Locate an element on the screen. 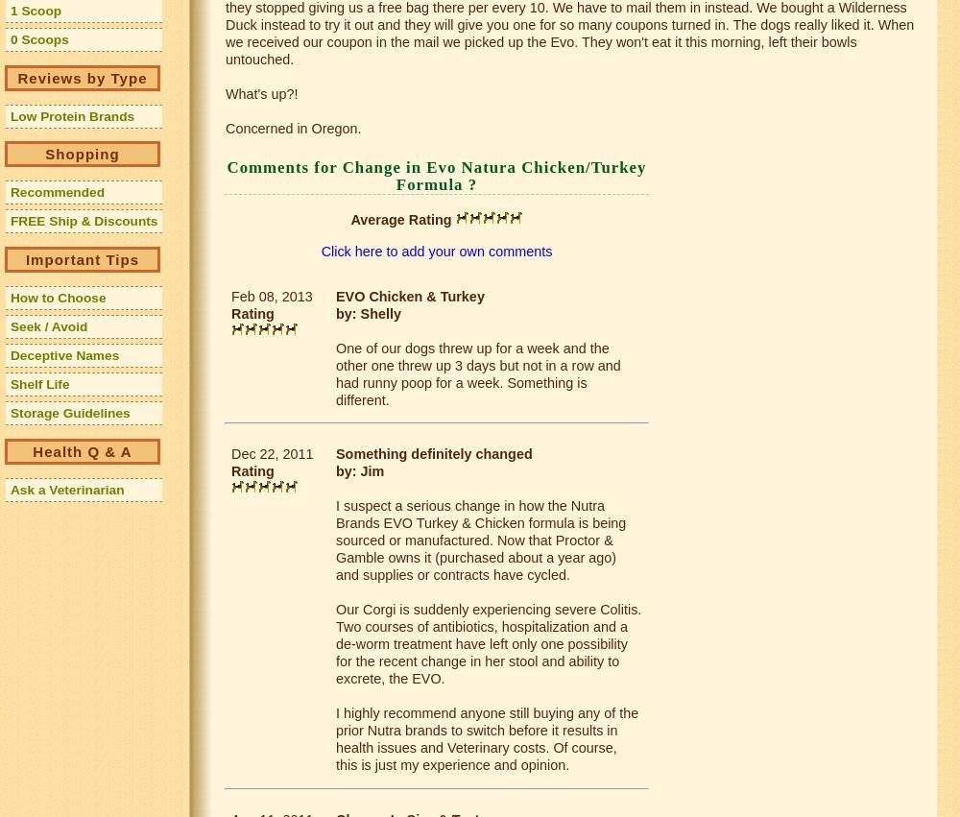  'Click here to add your own comments' is located at coordinates (320, 250).